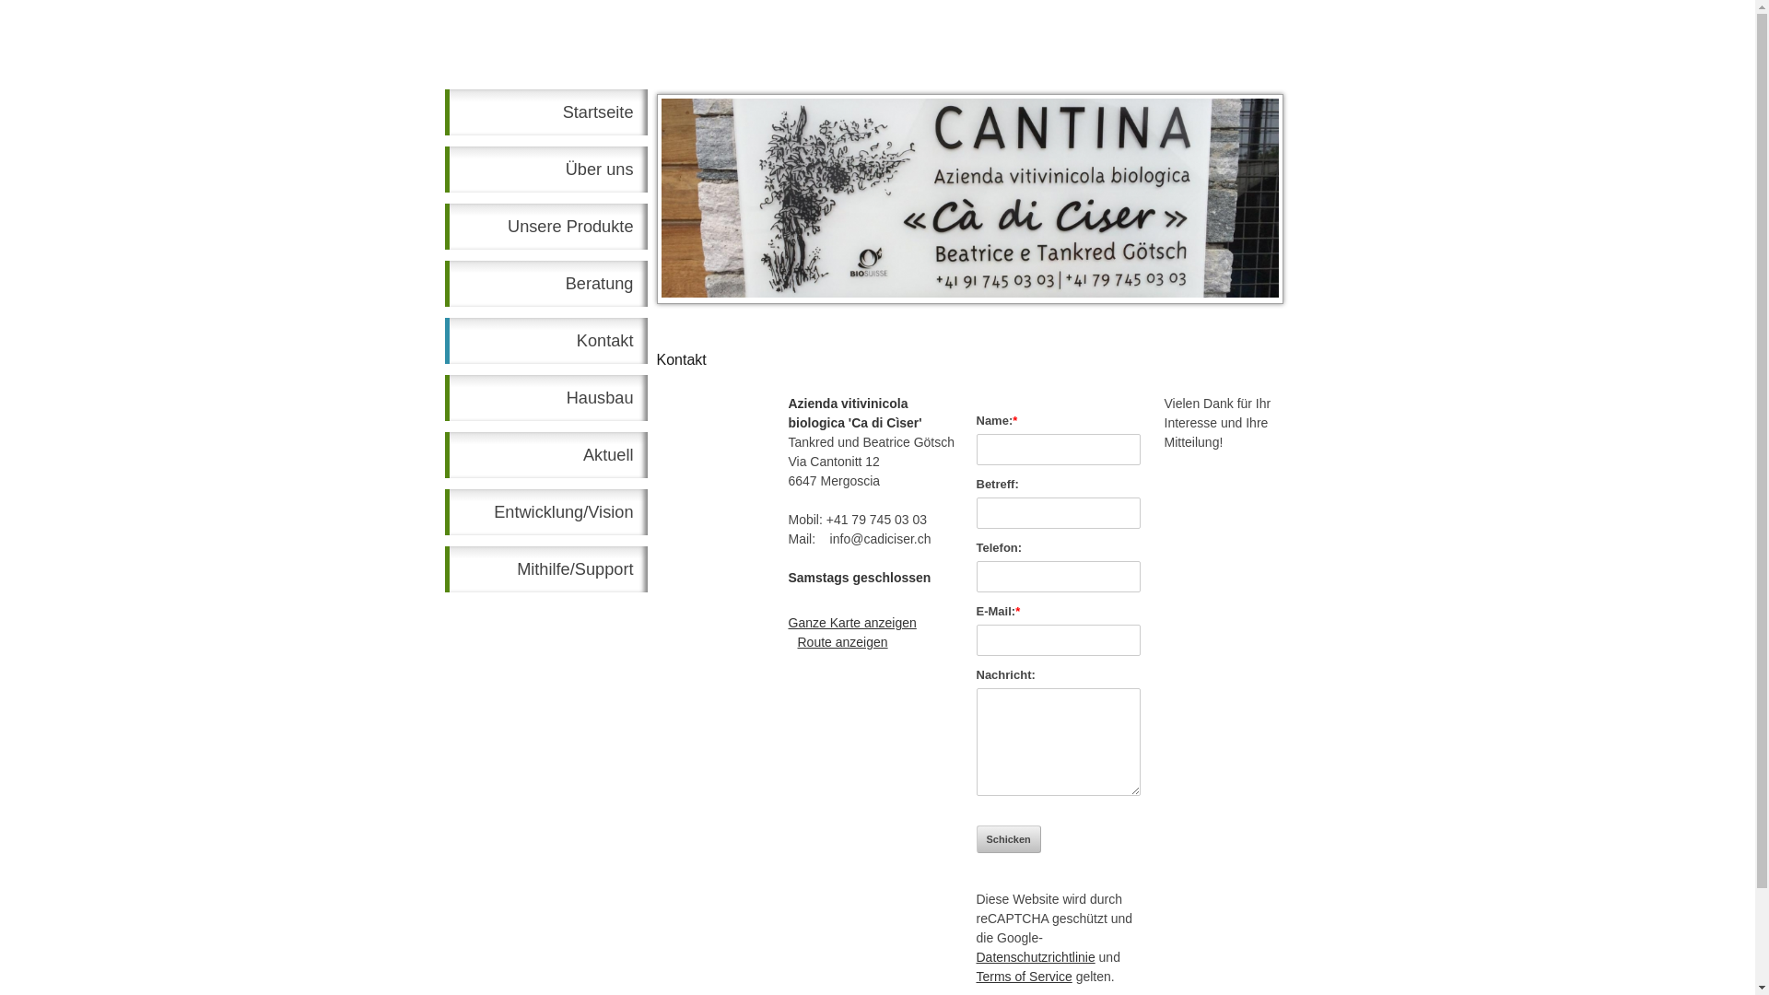 Image resolution: width=1769 pixels, height=995 pixels. Describe the element at coordinates (851, 622) in the screenshot. I see `'Ganze Karte anzeigen'` at that location.